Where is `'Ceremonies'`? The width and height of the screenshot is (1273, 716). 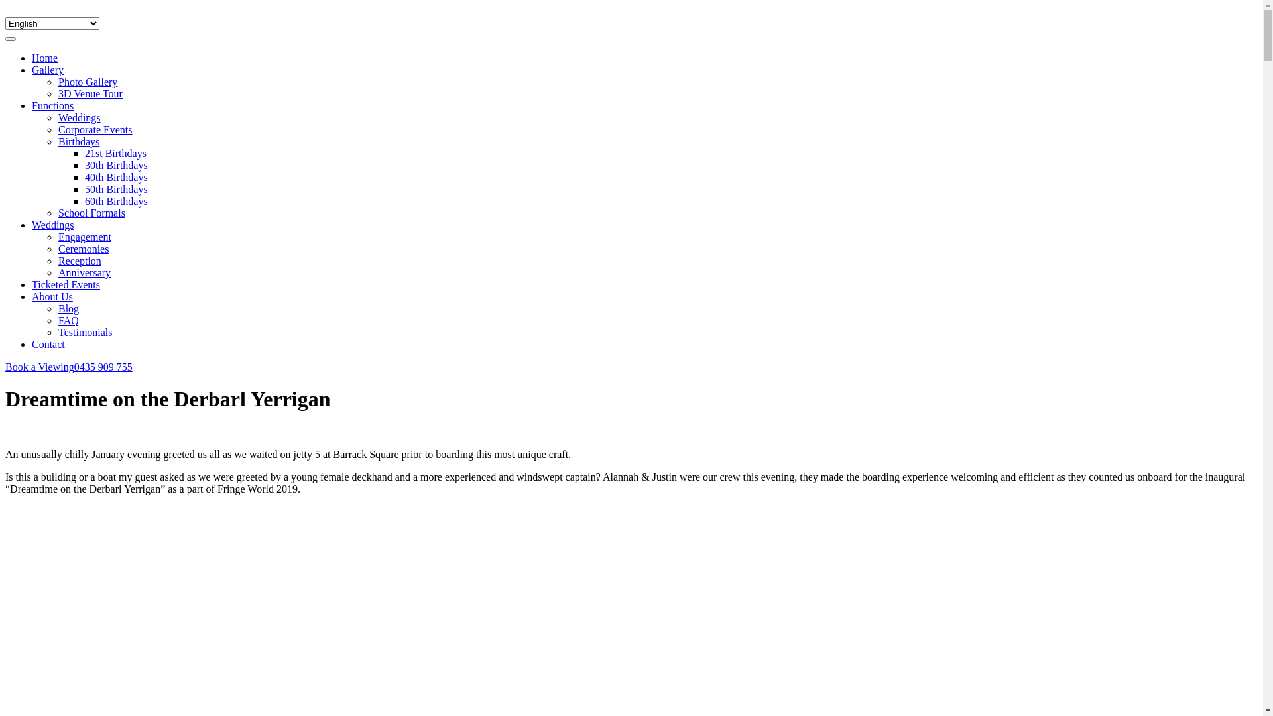 'Ceremonies' is located at coordinates (57, 249).